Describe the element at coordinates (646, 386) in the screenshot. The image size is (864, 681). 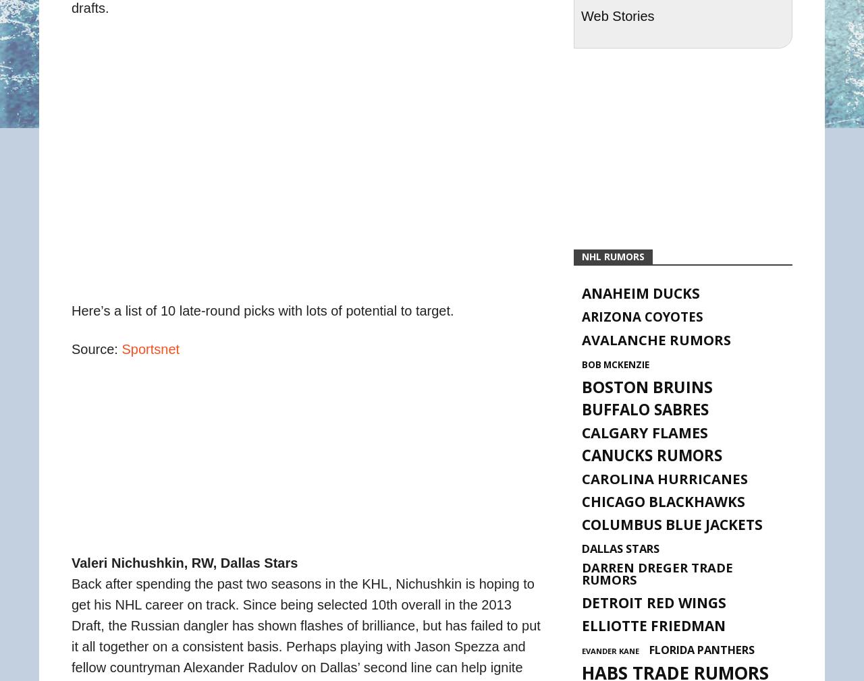
I see `'Boston Bruins'` at that location.